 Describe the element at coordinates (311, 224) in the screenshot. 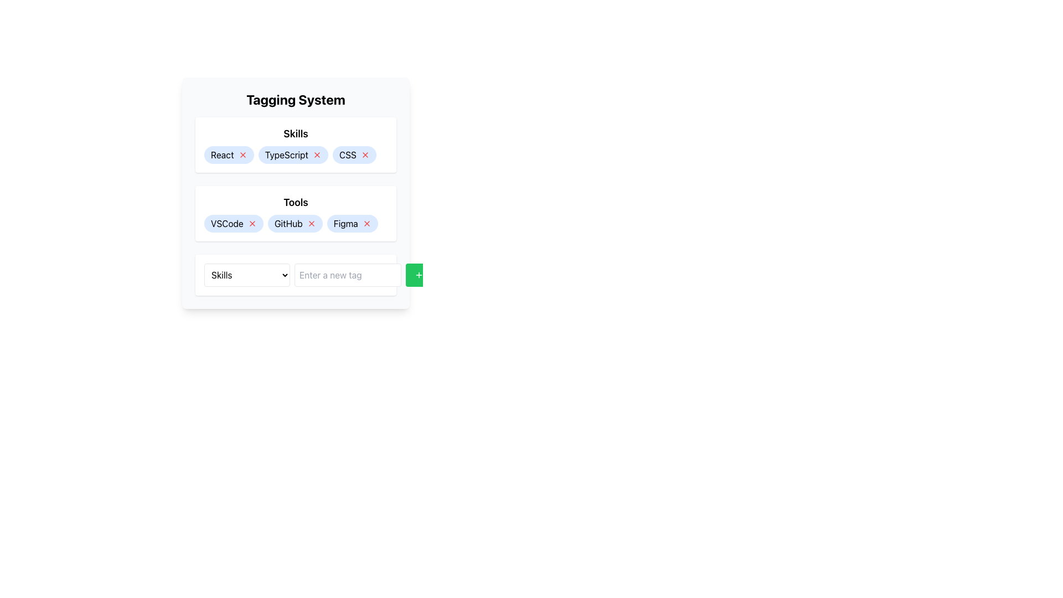

I see `the Close button (icon)` at that location.